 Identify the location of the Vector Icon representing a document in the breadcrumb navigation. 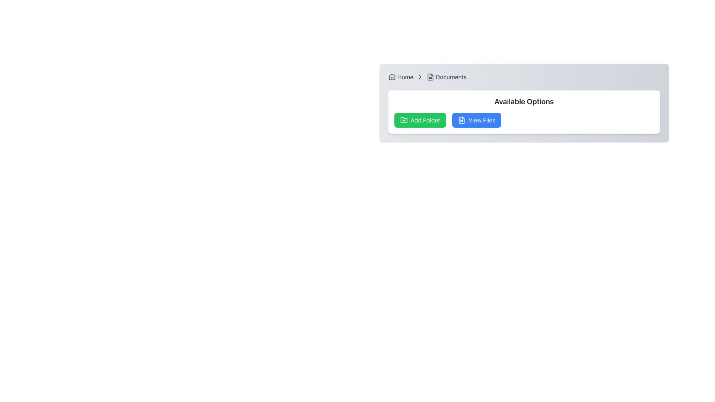
(430, 77).